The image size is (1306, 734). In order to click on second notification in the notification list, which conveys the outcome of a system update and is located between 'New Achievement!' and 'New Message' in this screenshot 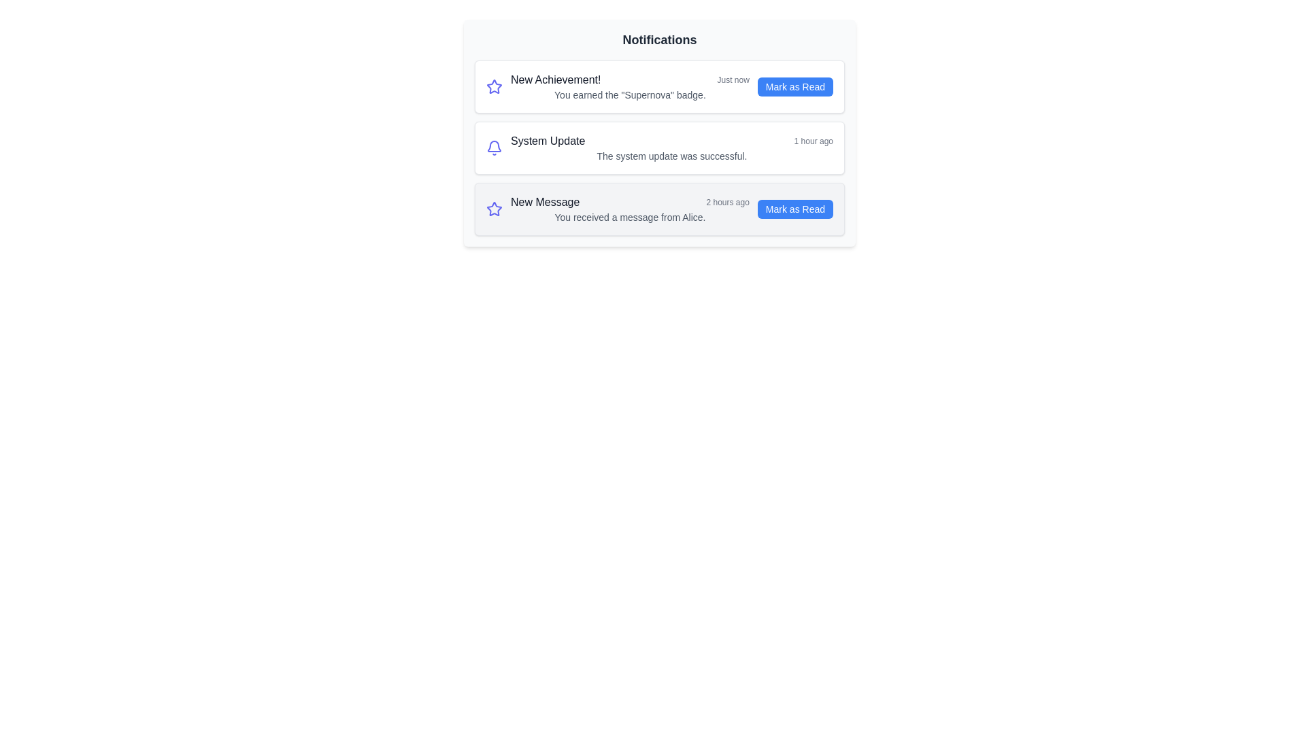, I will do `click(659, 148)`.